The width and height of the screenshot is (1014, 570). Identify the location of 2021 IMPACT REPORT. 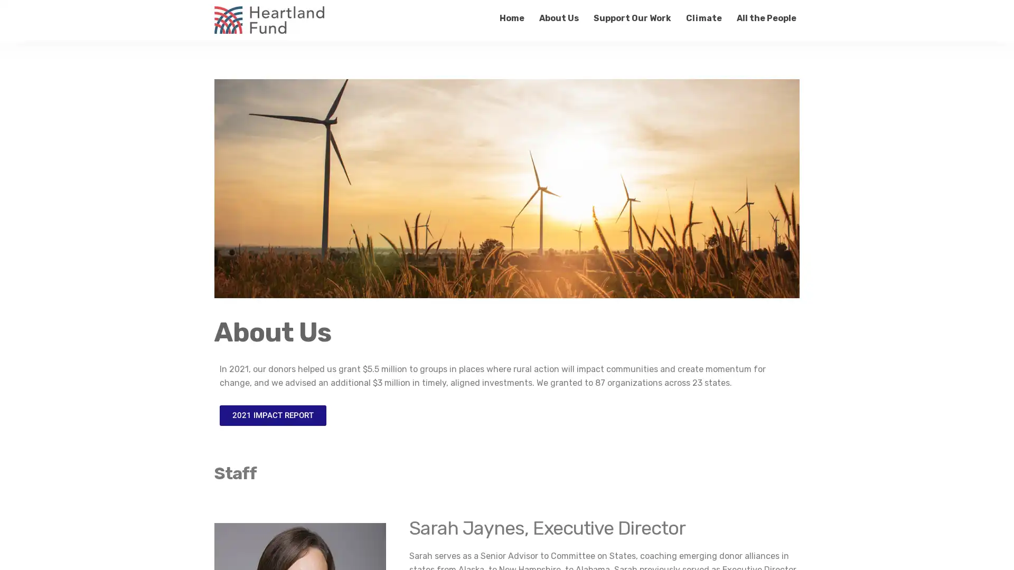
(273, 415).